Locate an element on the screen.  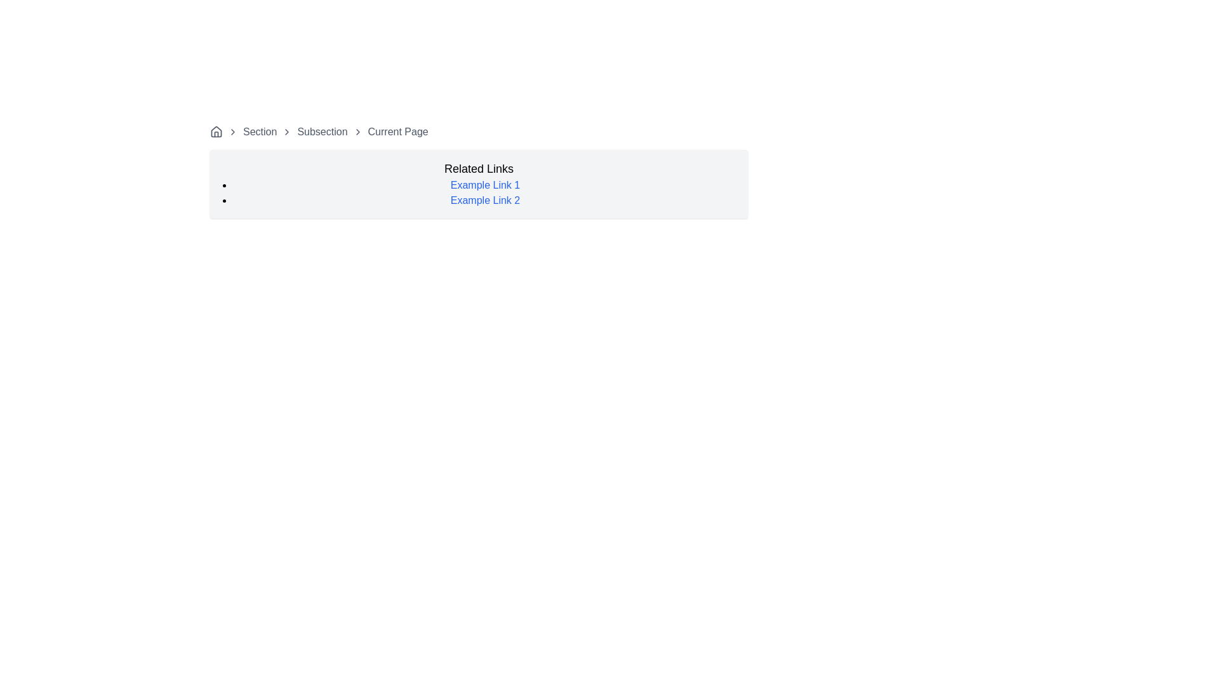
the third chevron icon in the breadcrumb navigation bar, which indicates the hierarchy and progression between 'Subsection' and 'Current Page' is located at coordinates (357, 132).